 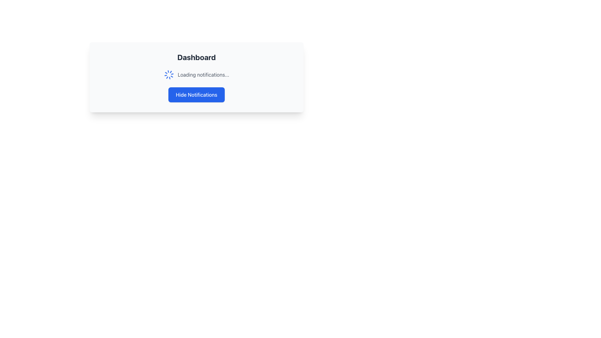 What do you see at coordinates (196, 57) in the screenshot?
I see `text element serving as the header titled 'Dashboard' located at the upper section of the card-like panel` at bounding box center [196, 57].